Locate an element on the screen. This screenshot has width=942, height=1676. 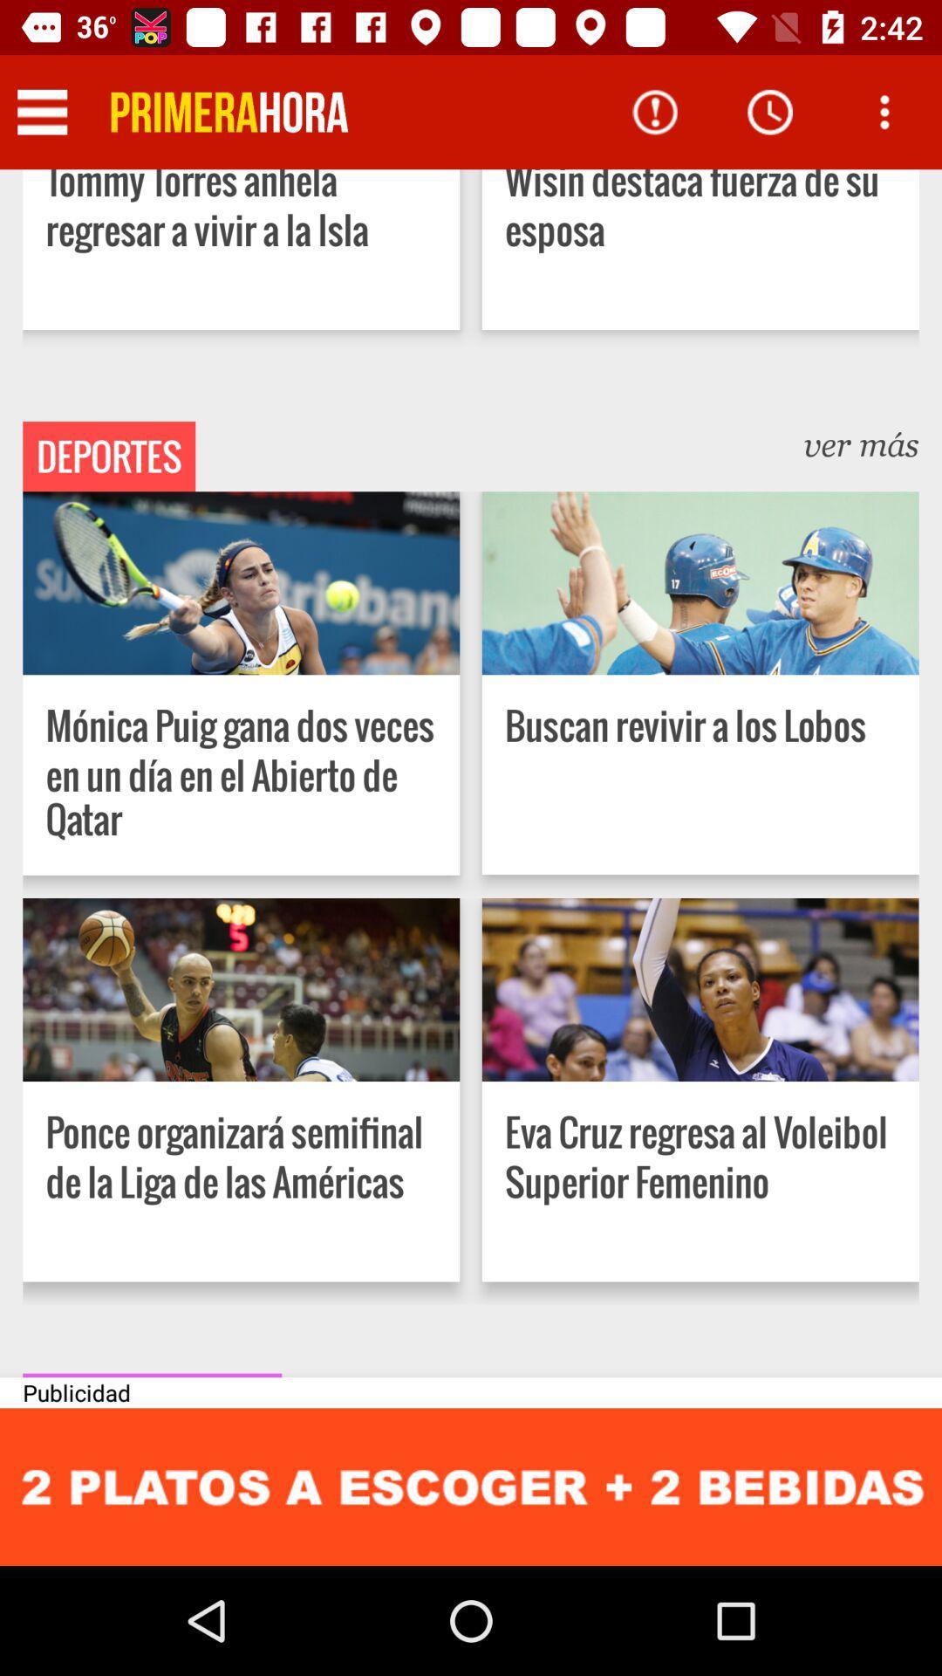
asking to see options is located at coordinates (884, 111).